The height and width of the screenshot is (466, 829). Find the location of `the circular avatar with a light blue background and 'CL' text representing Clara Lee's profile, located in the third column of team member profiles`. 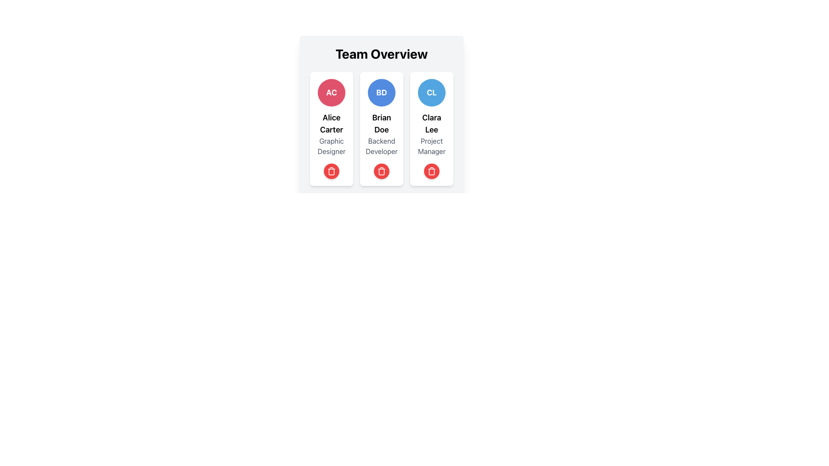

the circular avatar with a light blue background and 'CL' text representing Clara Lee's profile, located in the third column of team member profiles is located at coordinates (431, 93).